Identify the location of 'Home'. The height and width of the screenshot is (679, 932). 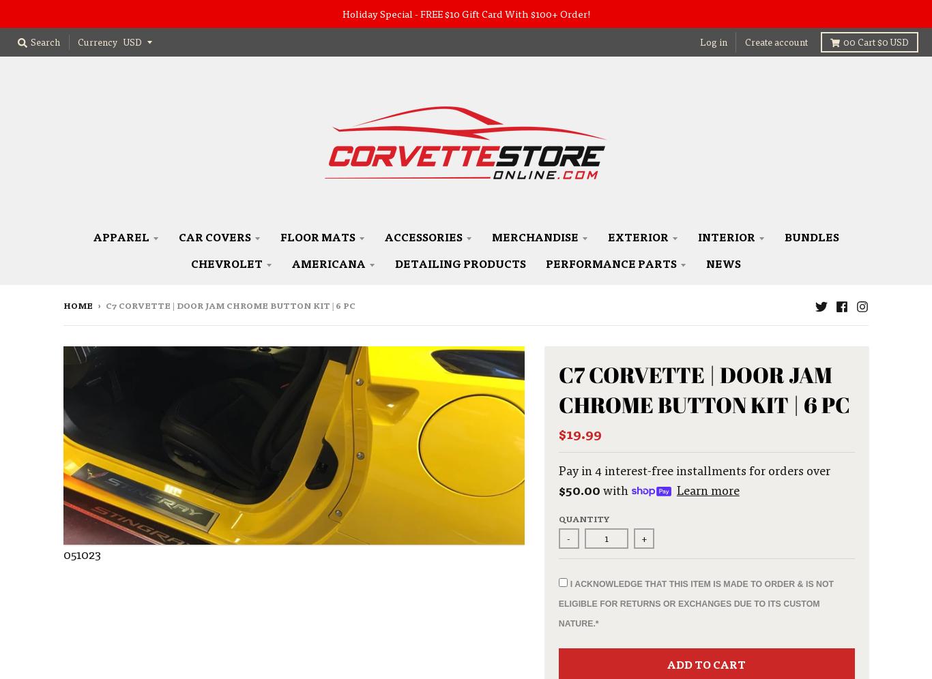
(78, 305).